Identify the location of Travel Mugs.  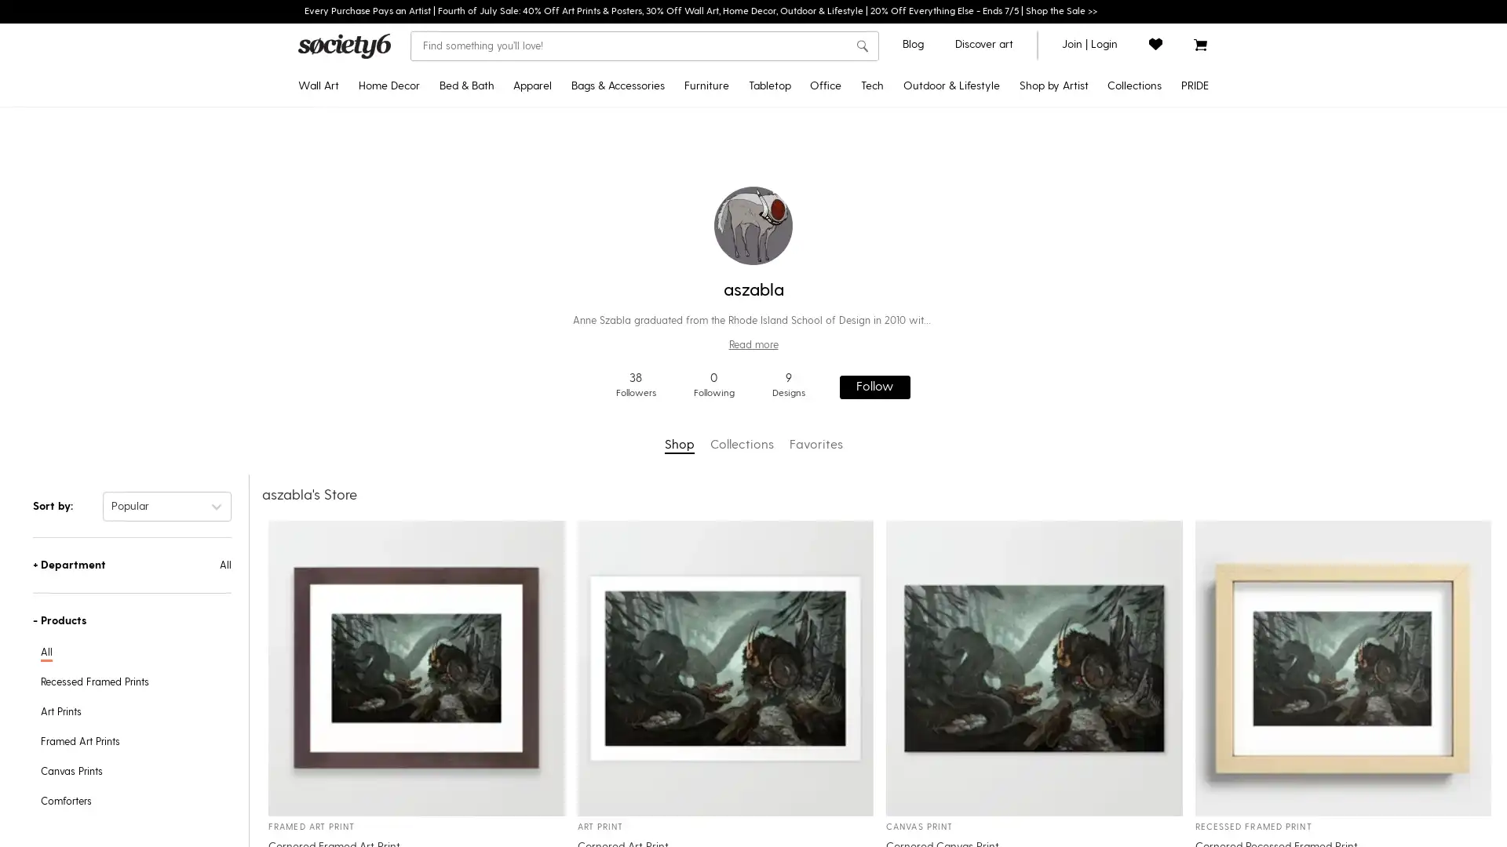
(798, 151).